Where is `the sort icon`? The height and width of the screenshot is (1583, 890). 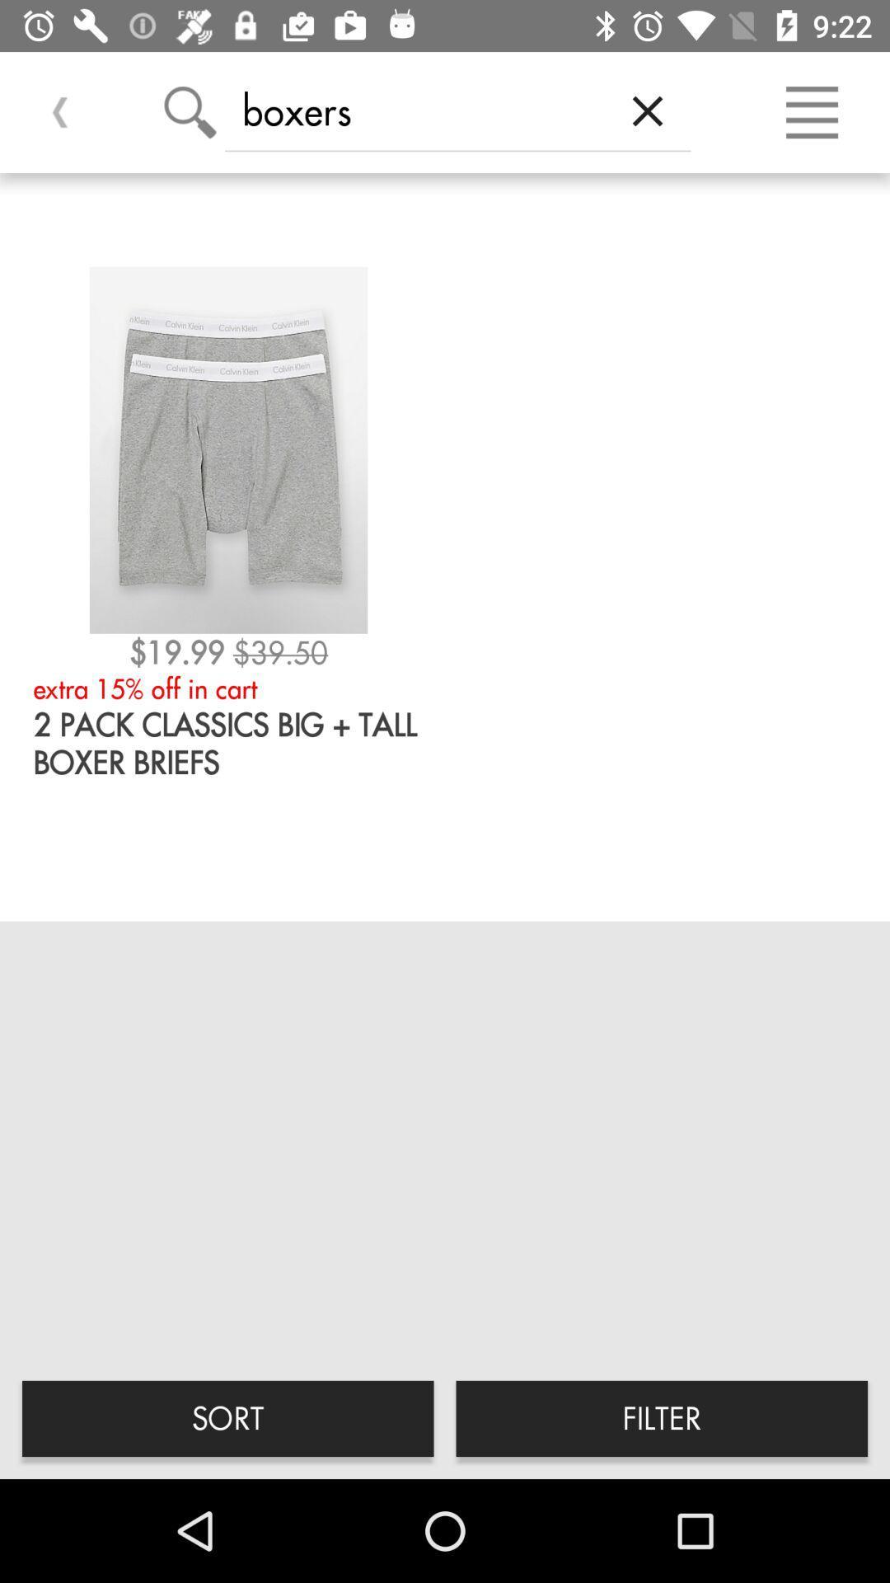 the sort icon is located at coordinates (227, 1417).